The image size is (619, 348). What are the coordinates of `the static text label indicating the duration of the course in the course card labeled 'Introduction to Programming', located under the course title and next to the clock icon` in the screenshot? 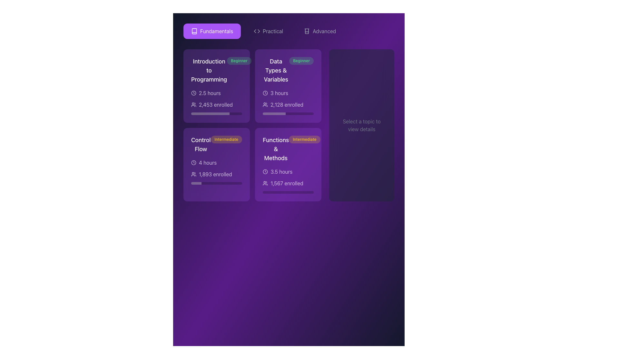 It's located at (210, 93).